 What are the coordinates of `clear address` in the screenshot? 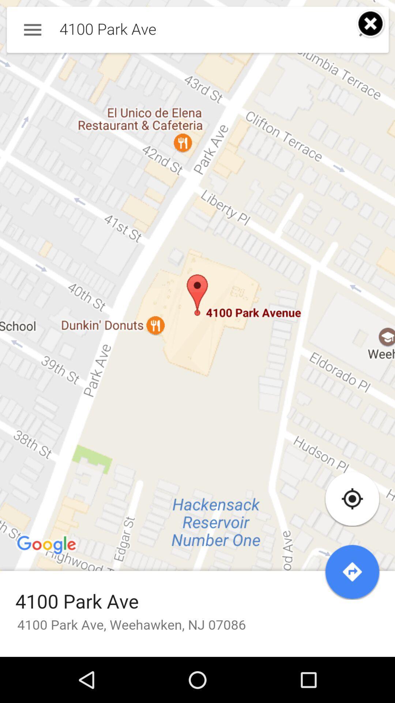 It's located at (371, 24).